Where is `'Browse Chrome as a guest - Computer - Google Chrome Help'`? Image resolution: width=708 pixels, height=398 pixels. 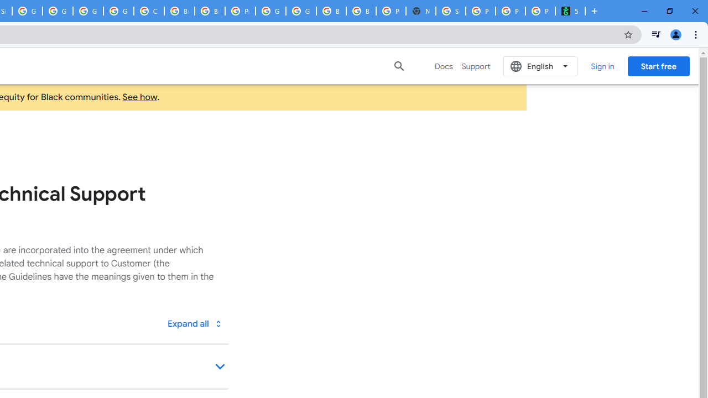
'Browse Chrome as a guest - Computer - Google Chrome Help' is located at coordinates (179, 11).